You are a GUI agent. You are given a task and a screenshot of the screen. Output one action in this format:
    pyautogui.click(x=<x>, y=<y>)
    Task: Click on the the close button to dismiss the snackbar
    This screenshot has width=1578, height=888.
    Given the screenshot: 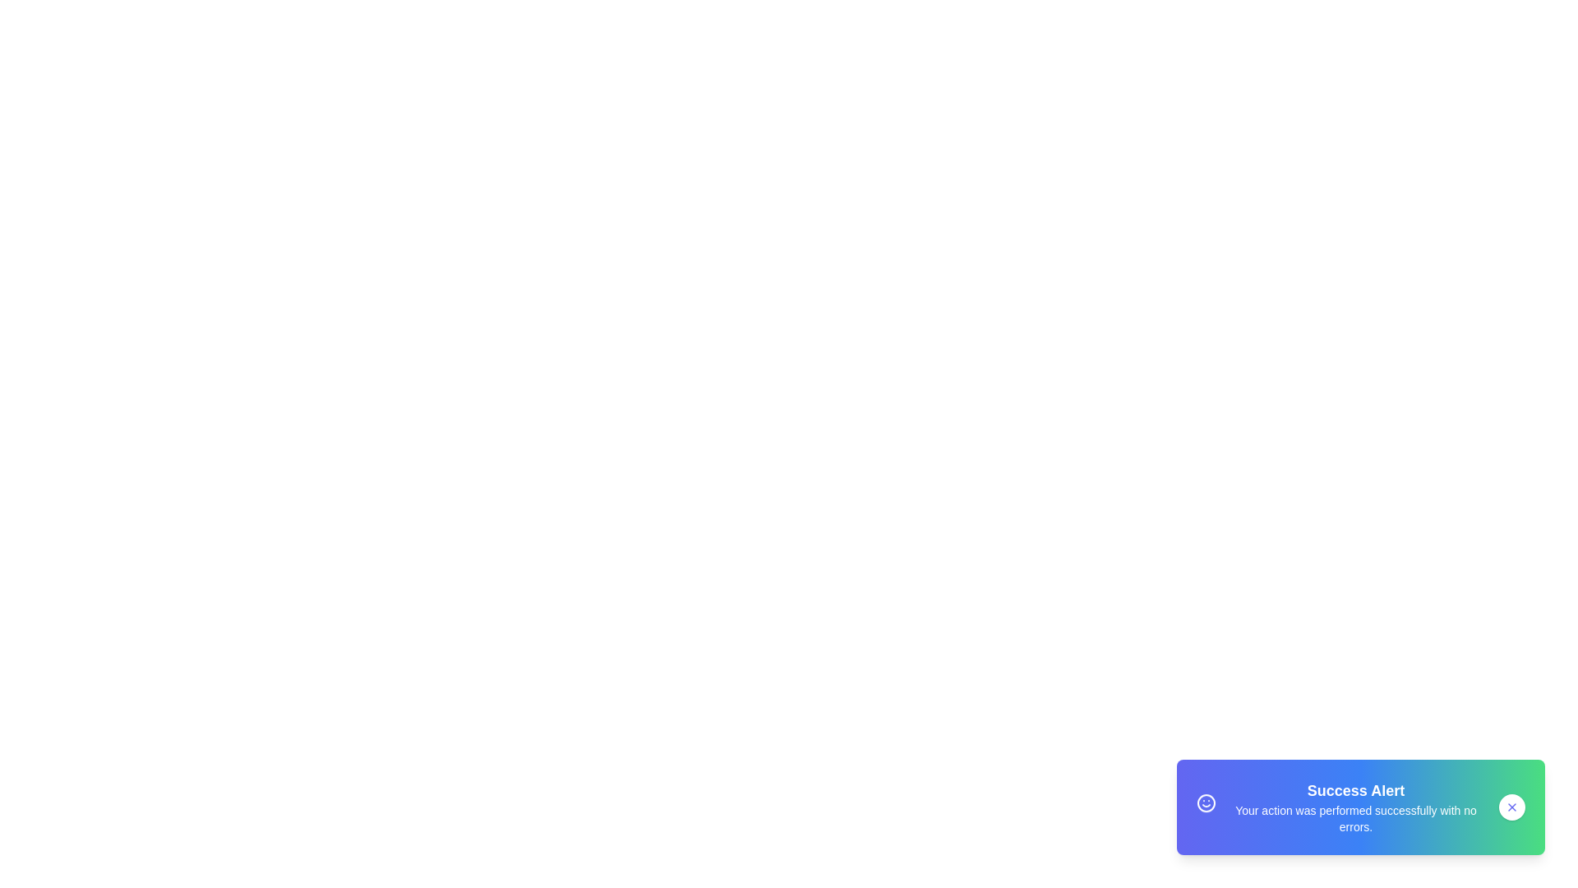 What is the action you would take?
    pyautogui.click(x=1511, y=807)
    